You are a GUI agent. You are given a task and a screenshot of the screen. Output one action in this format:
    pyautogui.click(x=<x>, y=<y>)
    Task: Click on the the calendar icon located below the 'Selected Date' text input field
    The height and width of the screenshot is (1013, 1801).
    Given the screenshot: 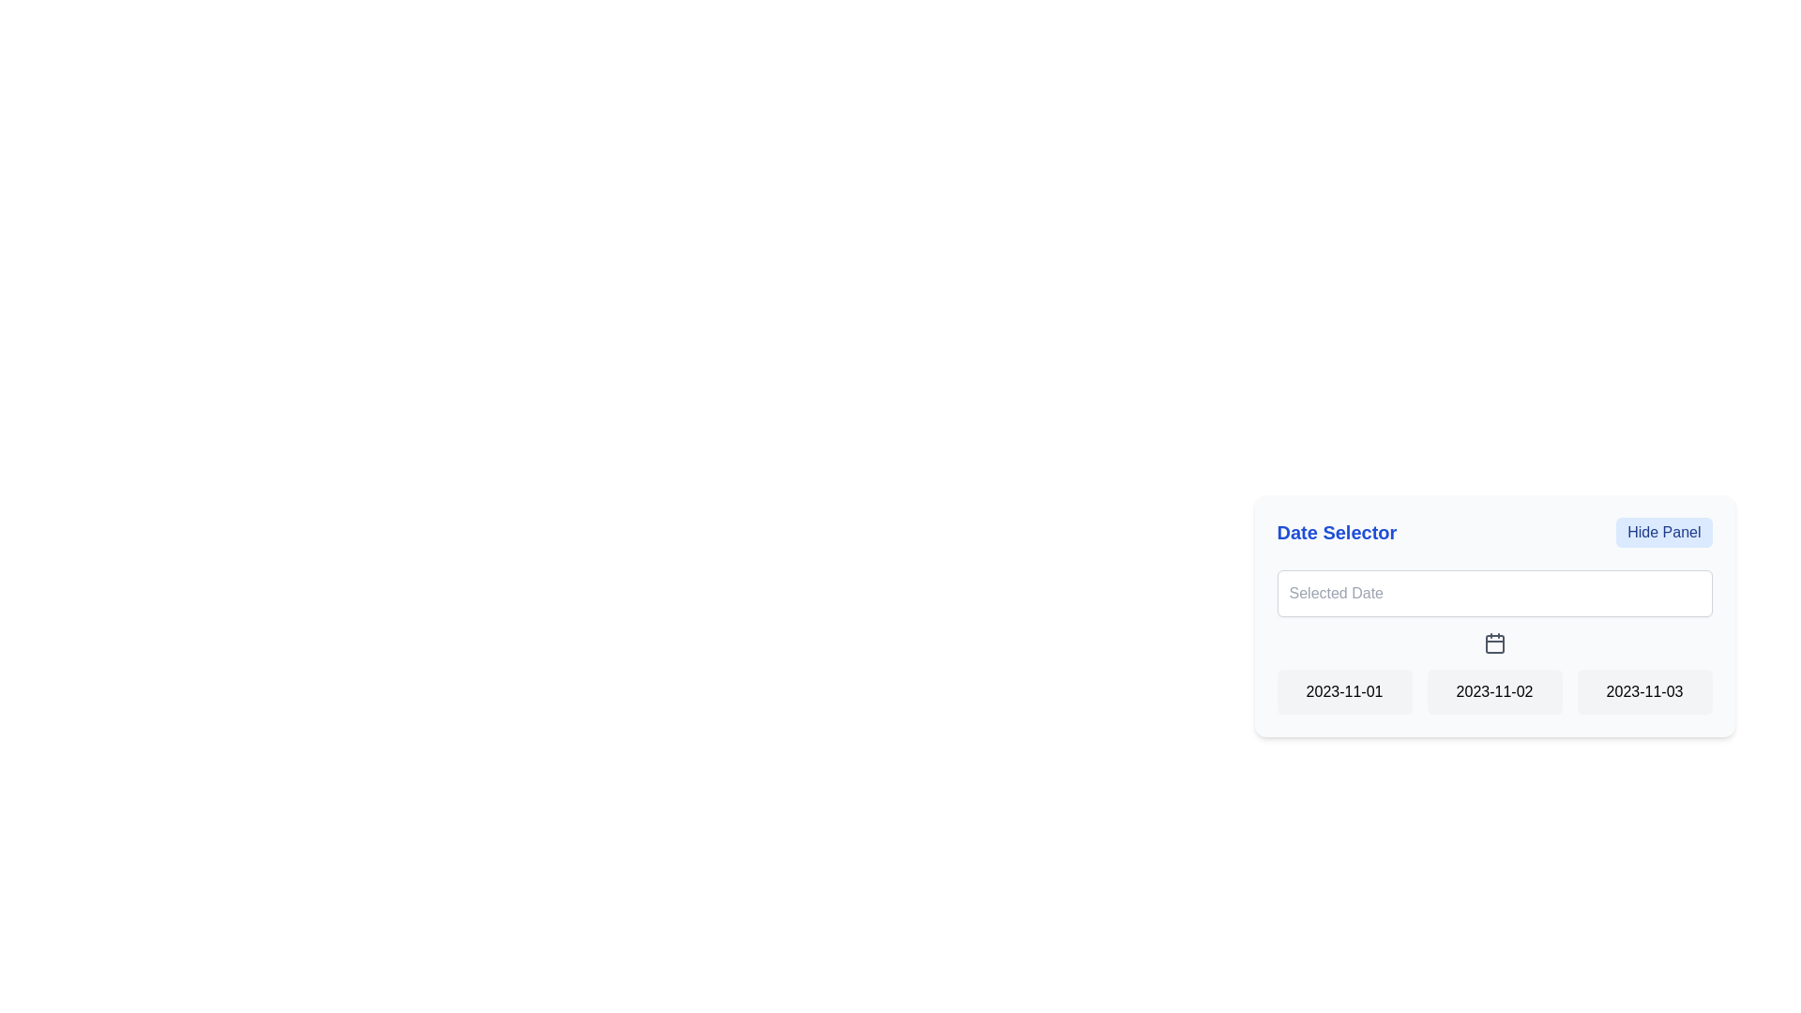 What is the action you would take?
    pyautogui.click(x=1493, y=643)
    